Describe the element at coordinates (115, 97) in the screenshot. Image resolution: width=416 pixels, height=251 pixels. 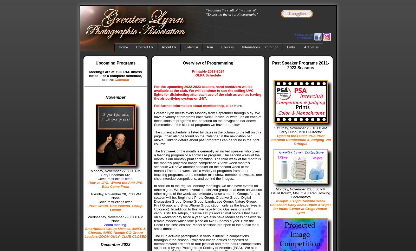
I see `'November'` at that location.